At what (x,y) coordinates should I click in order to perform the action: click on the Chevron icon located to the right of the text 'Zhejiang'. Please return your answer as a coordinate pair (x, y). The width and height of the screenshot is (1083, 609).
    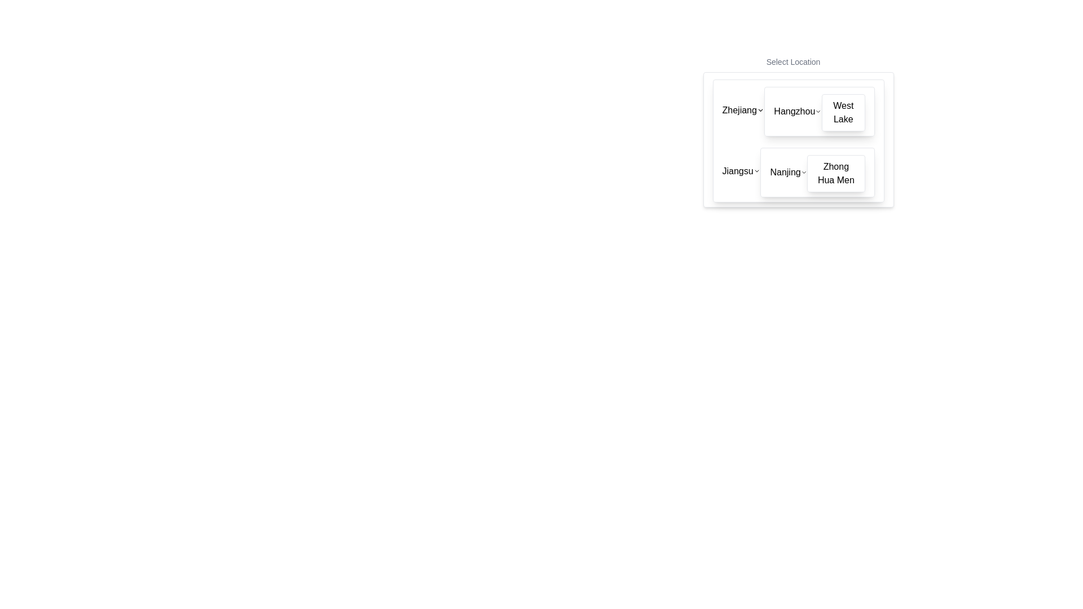
    Looking at the image, I should click on (760, 111).